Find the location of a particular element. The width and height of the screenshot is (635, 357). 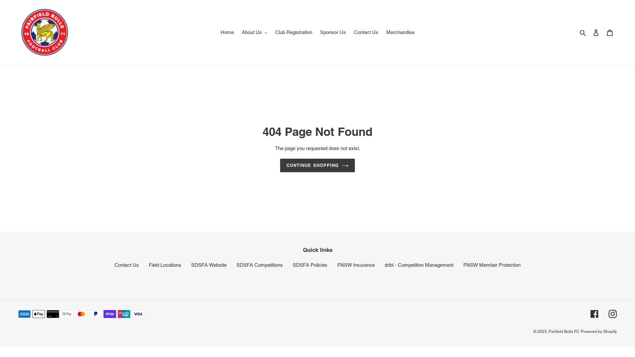

'Merchandise' is located at coordinates (400, 32).